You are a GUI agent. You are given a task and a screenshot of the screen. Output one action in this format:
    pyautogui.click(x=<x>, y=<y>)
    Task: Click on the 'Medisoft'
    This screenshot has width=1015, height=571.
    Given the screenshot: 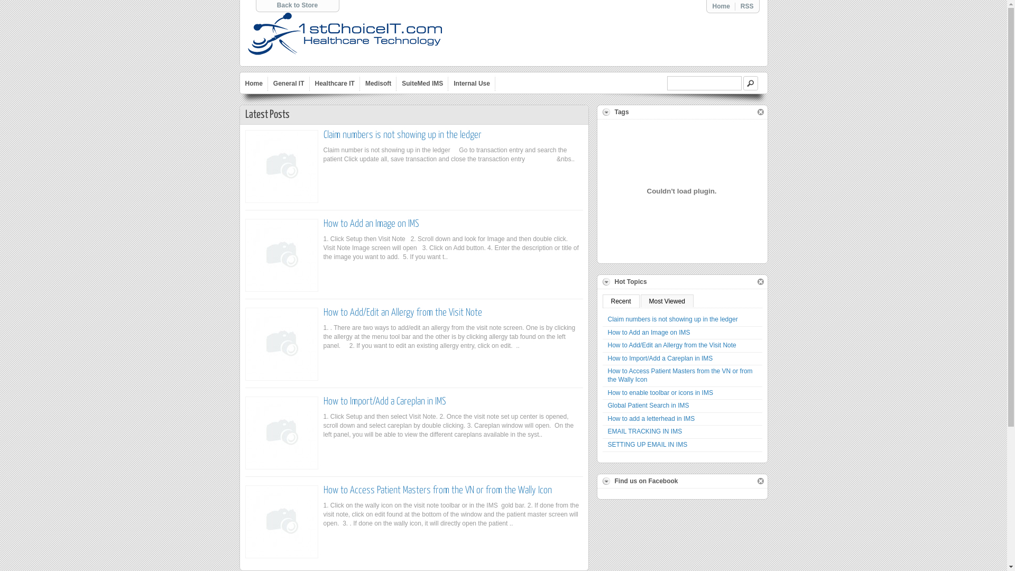 What is the action you would take?
    pyautogui.click(x=378, y=82)
    